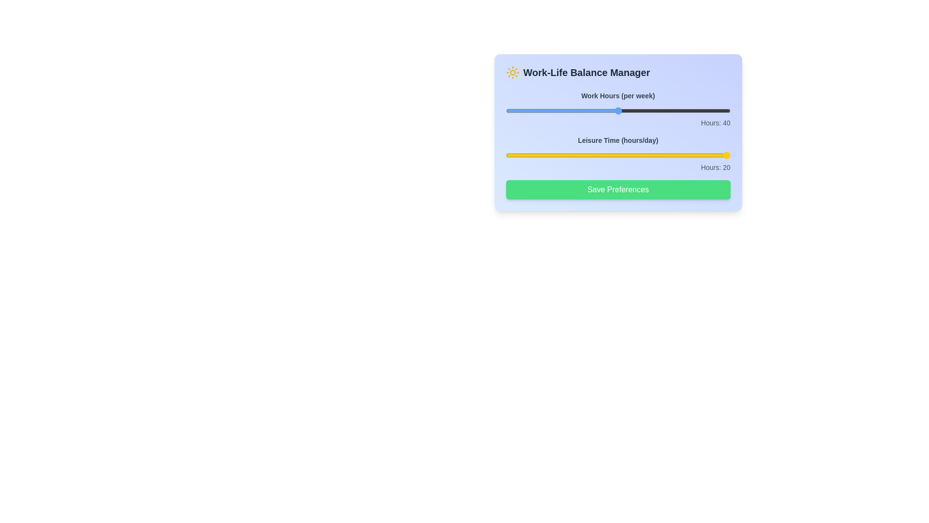 Image resolution: width=929 pixels, height=523 pixels. What do you see at coordinates (617, 110) in the screenshot?
I see `the 'Work Hours' slider to set it to 40 hours per week` at bounding box center [617, 110].